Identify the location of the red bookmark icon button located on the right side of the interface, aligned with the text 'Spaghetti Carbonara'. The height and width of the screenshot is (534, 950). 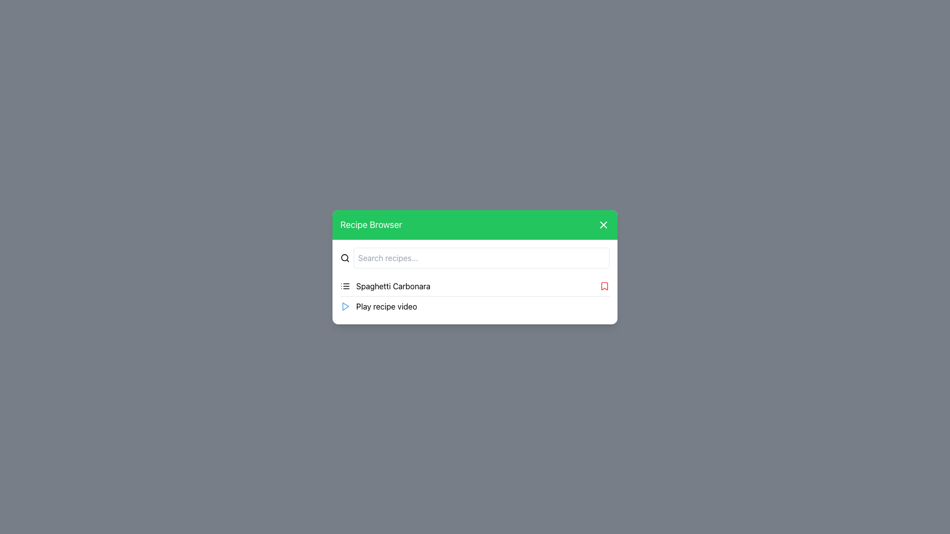
(604, 286).